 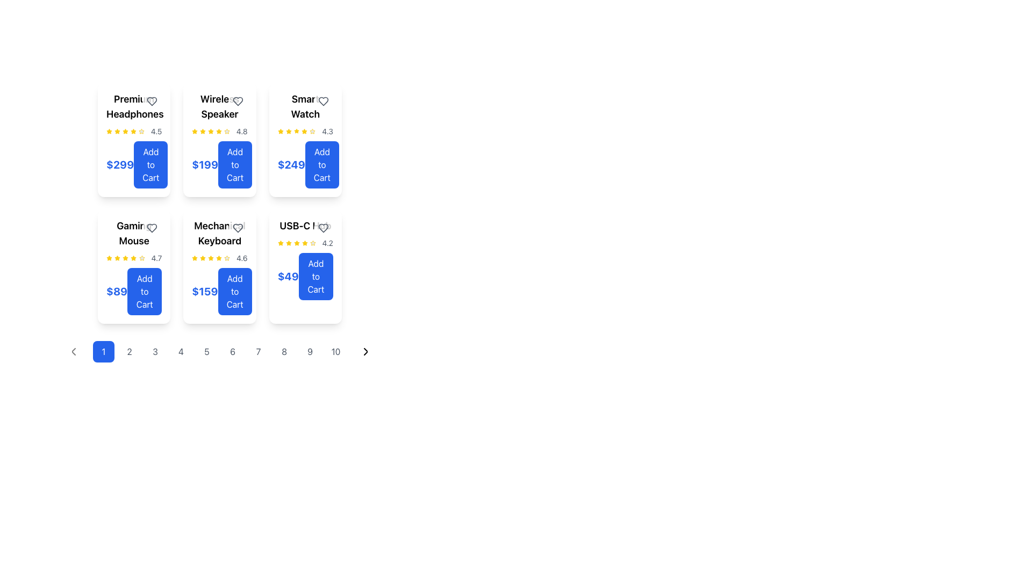 What do you see at coordinates (312, 131) in the screenshot?
I see `the fifth star icon indicating the remaining rating level on the 'Smart Watch' product card, located in the top-right corner of the grid layout` at bounding box center [312, 131].